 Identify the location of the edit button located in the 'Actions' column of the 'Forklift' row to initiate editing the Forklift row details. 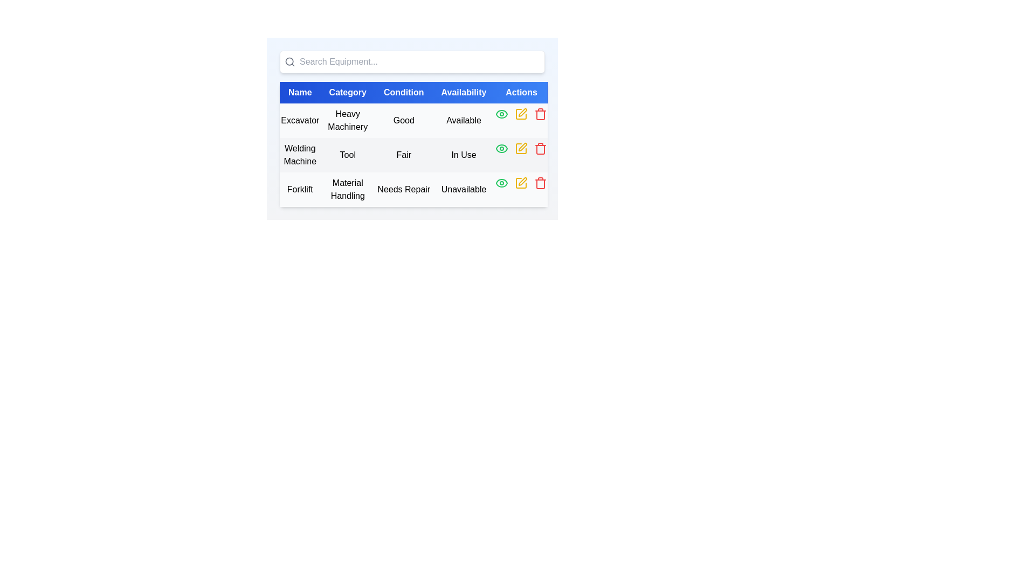
(523, 181).